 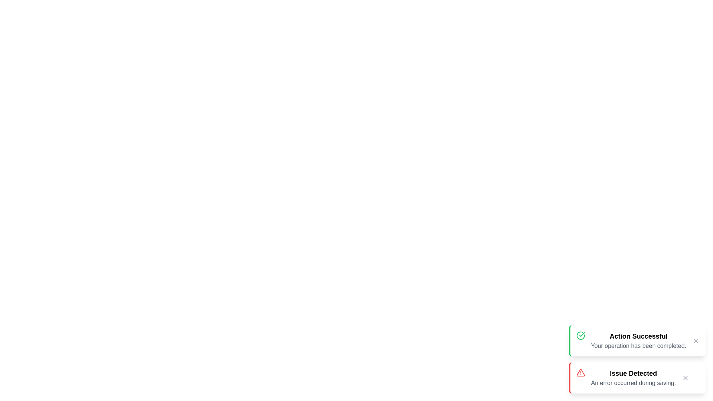 I want to click on the close button of the notification with title Action Successful, so click(x=695, y=341).